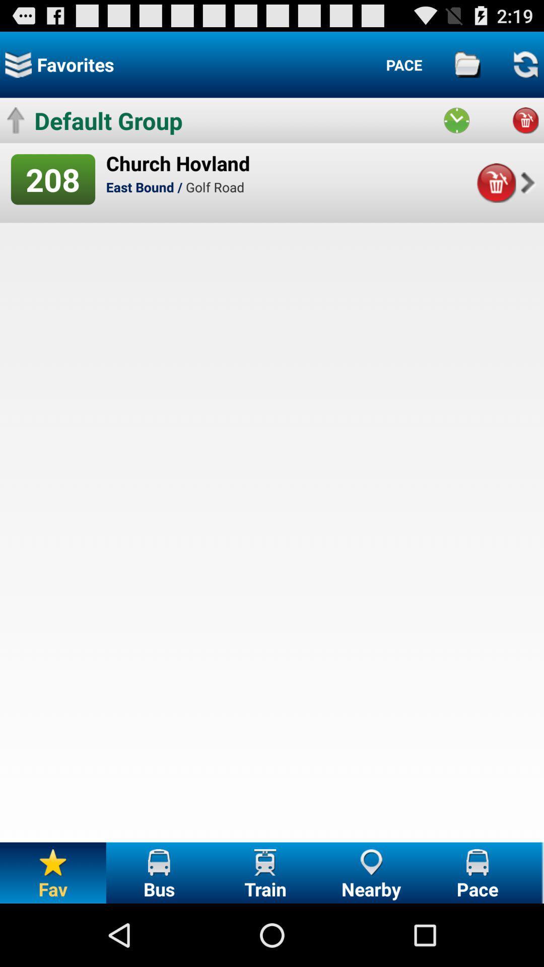 This screenshot has height=967, width=544. What do you see at coordinates (16, 120) in the screenshot?
I see `the icon left to the default group` at bounding box center [16, 120].